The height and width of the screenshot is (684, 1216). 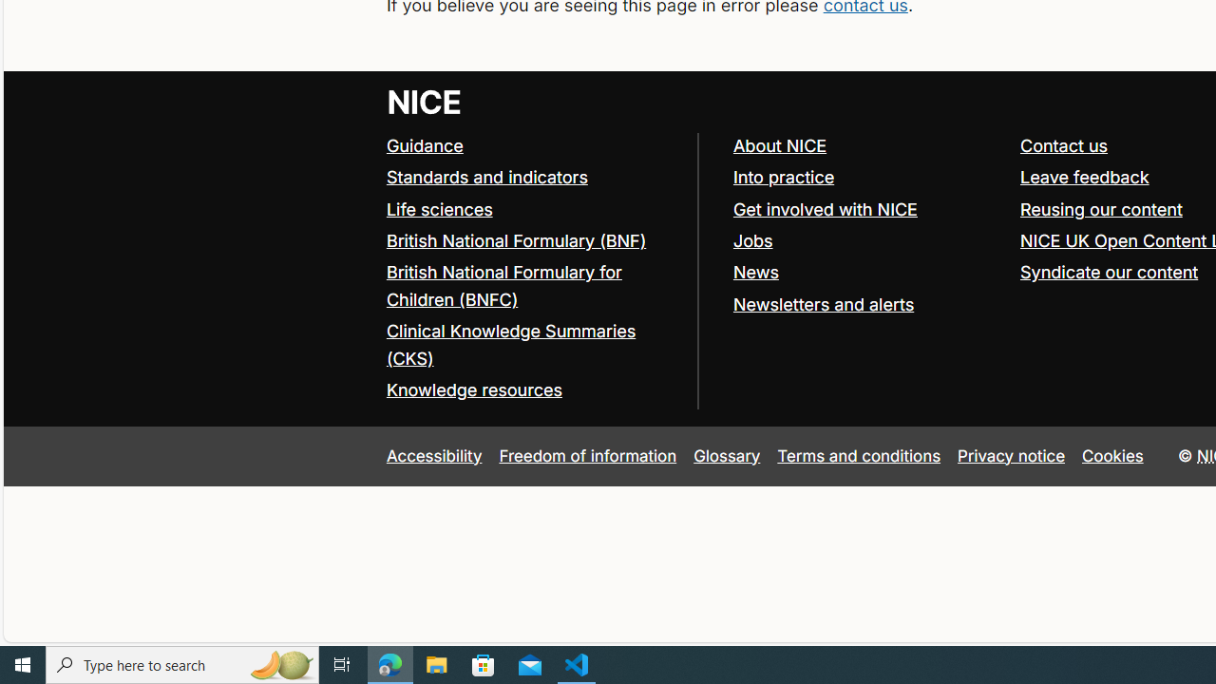 I want to click on 'Accessibility', so click(x=432, y=455).